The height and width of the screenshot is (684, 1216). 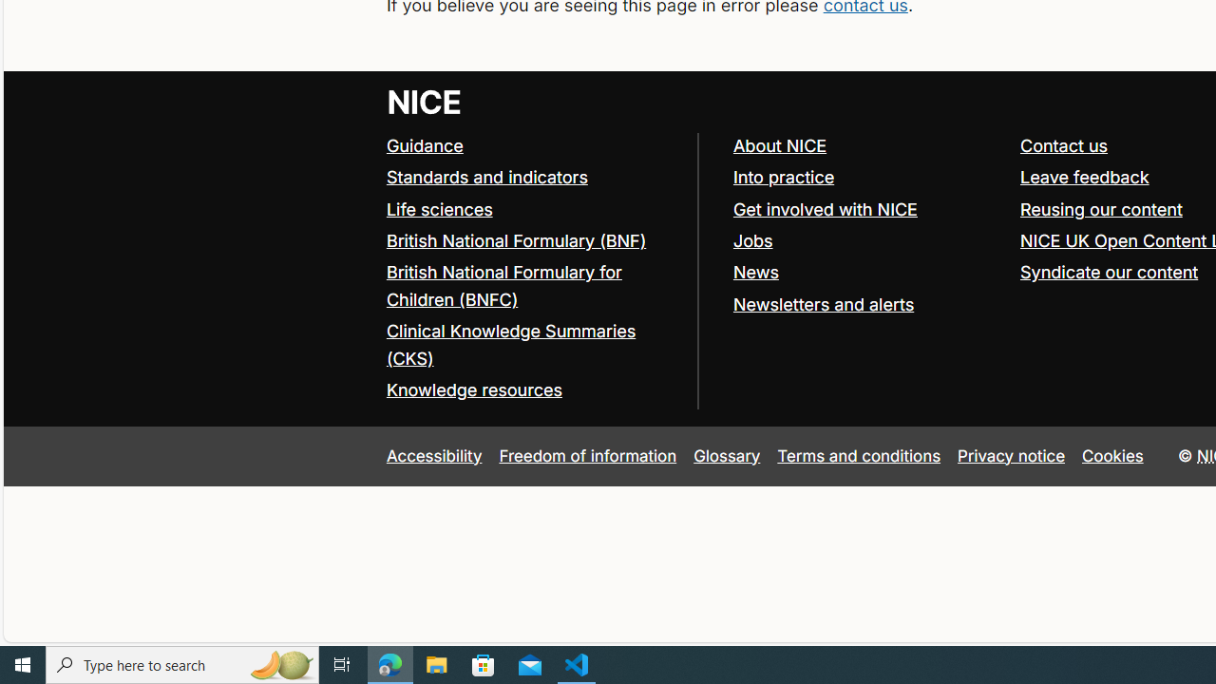 I want to click on 'Accessibility', so click(x=432, y=455).